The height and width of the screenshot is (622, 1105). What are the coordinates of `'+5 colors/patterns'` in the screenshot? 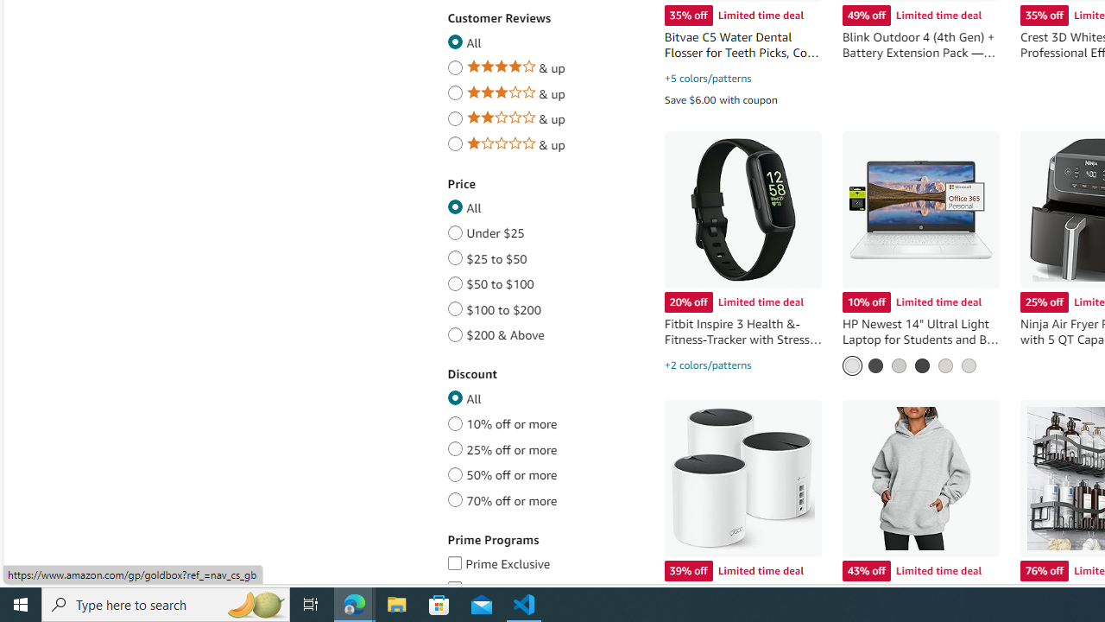 It's located at (707, 79).